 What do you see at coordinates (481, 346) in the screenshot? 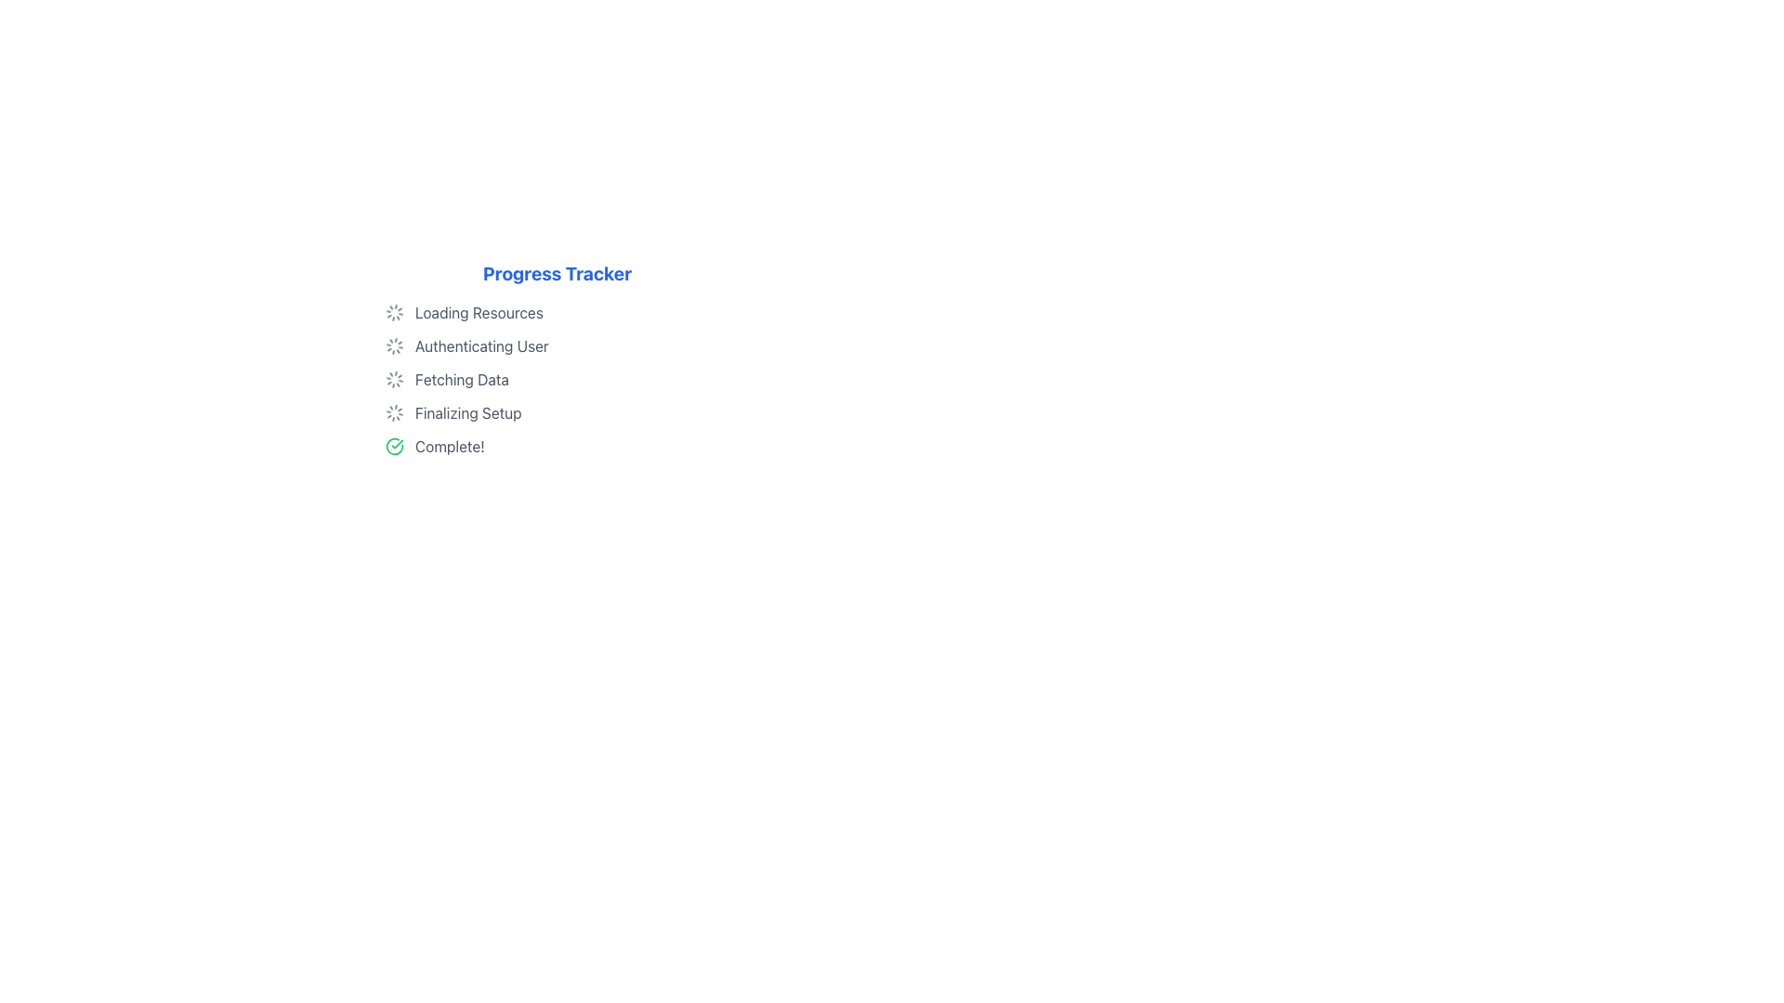
I see `the static text label indicating the user authentication phase in the progress tracker, located below the 'Loading Resources' step and above the 'Fetching Data' step` at bounding box center [481, 346].